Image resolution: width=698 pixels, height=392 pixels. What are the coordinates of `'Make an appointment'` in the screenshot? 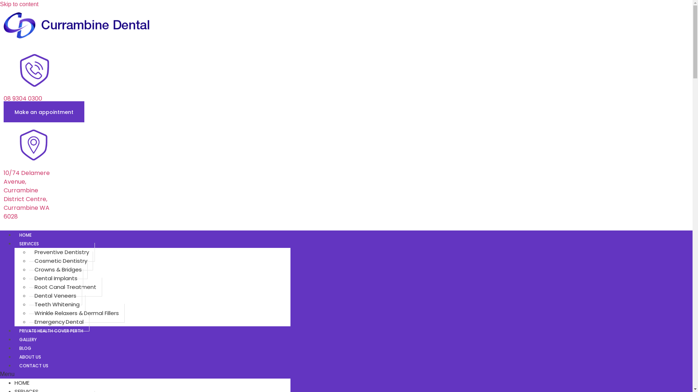 It's located at (43, 112).